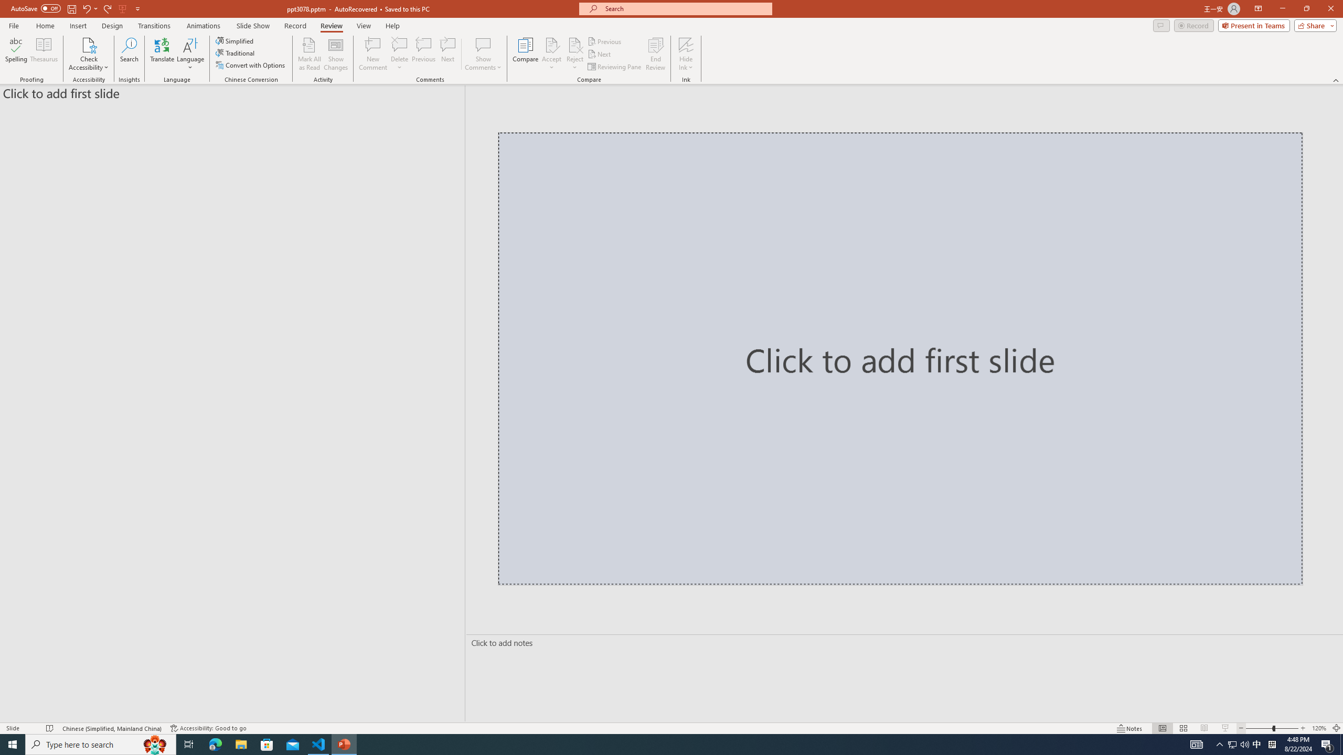 The height and width of the screenshot is (755, 1343). What do you see at coordinates (686, 44) in the screenshot?
I see `'Hide Ink'` at bounding box center [686, 44].